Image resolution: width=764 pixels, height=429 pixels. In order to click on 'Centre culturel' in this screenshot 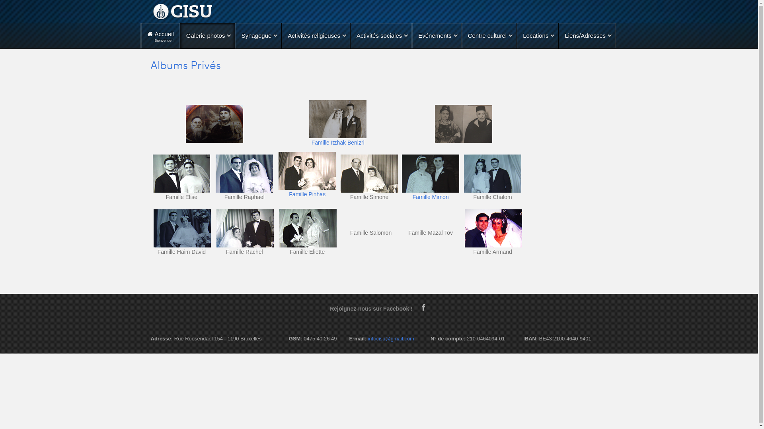, I will do `click(489, 35)`.